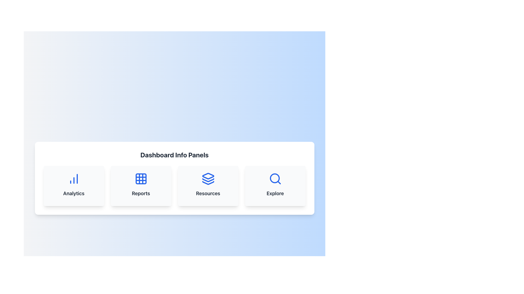  What do you see at coordinates (275, 193) in the screenshot?
I see `the text label that says 'Explore', which is styled in a bold font and located at the bottom of the fourth card from the left` at bounding box center [275, 193].